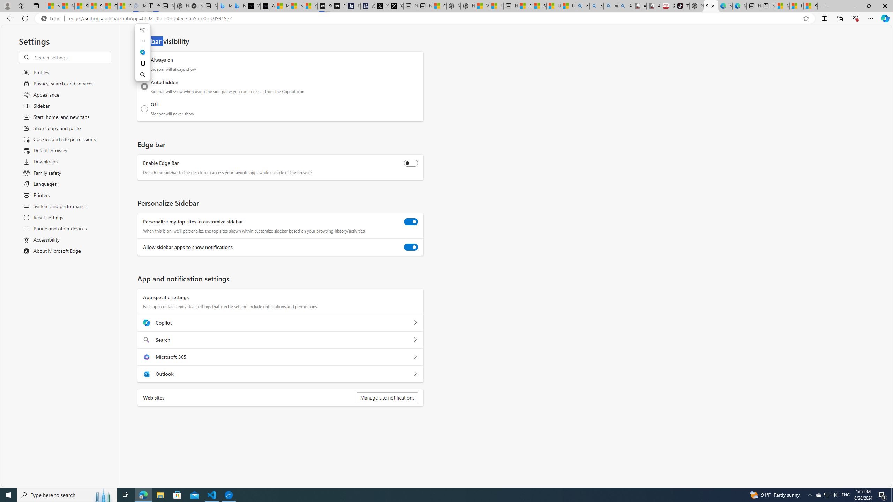  Describe the element at coordinates (224, 6) in the screenshot. I see `'Microsoft Bing Travel - Stays in Bangkok, Bangkok, Thailand'` at that location.